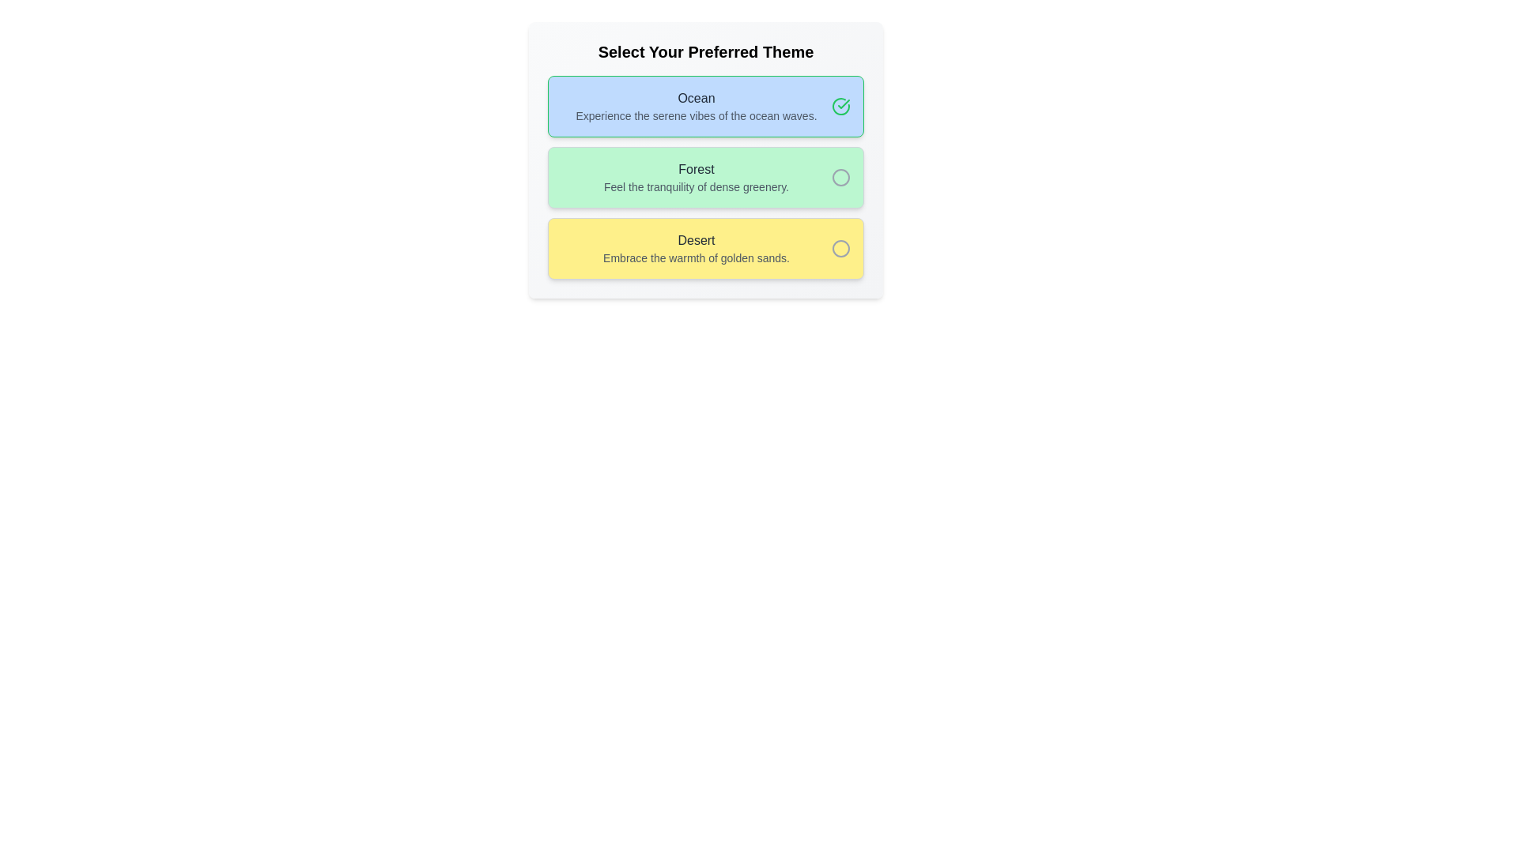 This screenshot has width=1518, height=853. What do you see at coordinates (704, 249) in the screenshot?
I see `the selectable list item labeled 'Desert'` at bounding box center [704, 249].